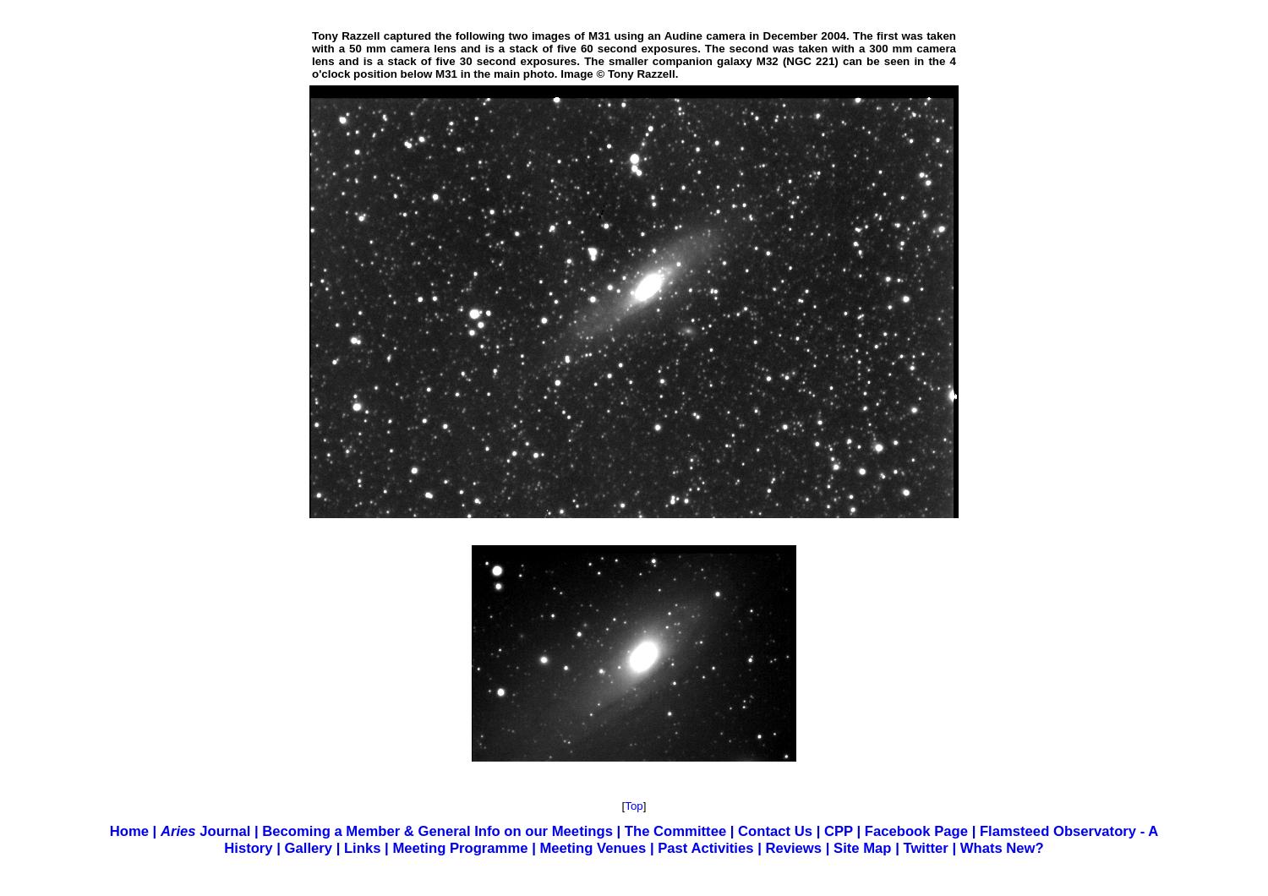 The image size is (1268, 896). Describe the element at coordinates (644, 804) in the screenshot. I see `']'` at that location.